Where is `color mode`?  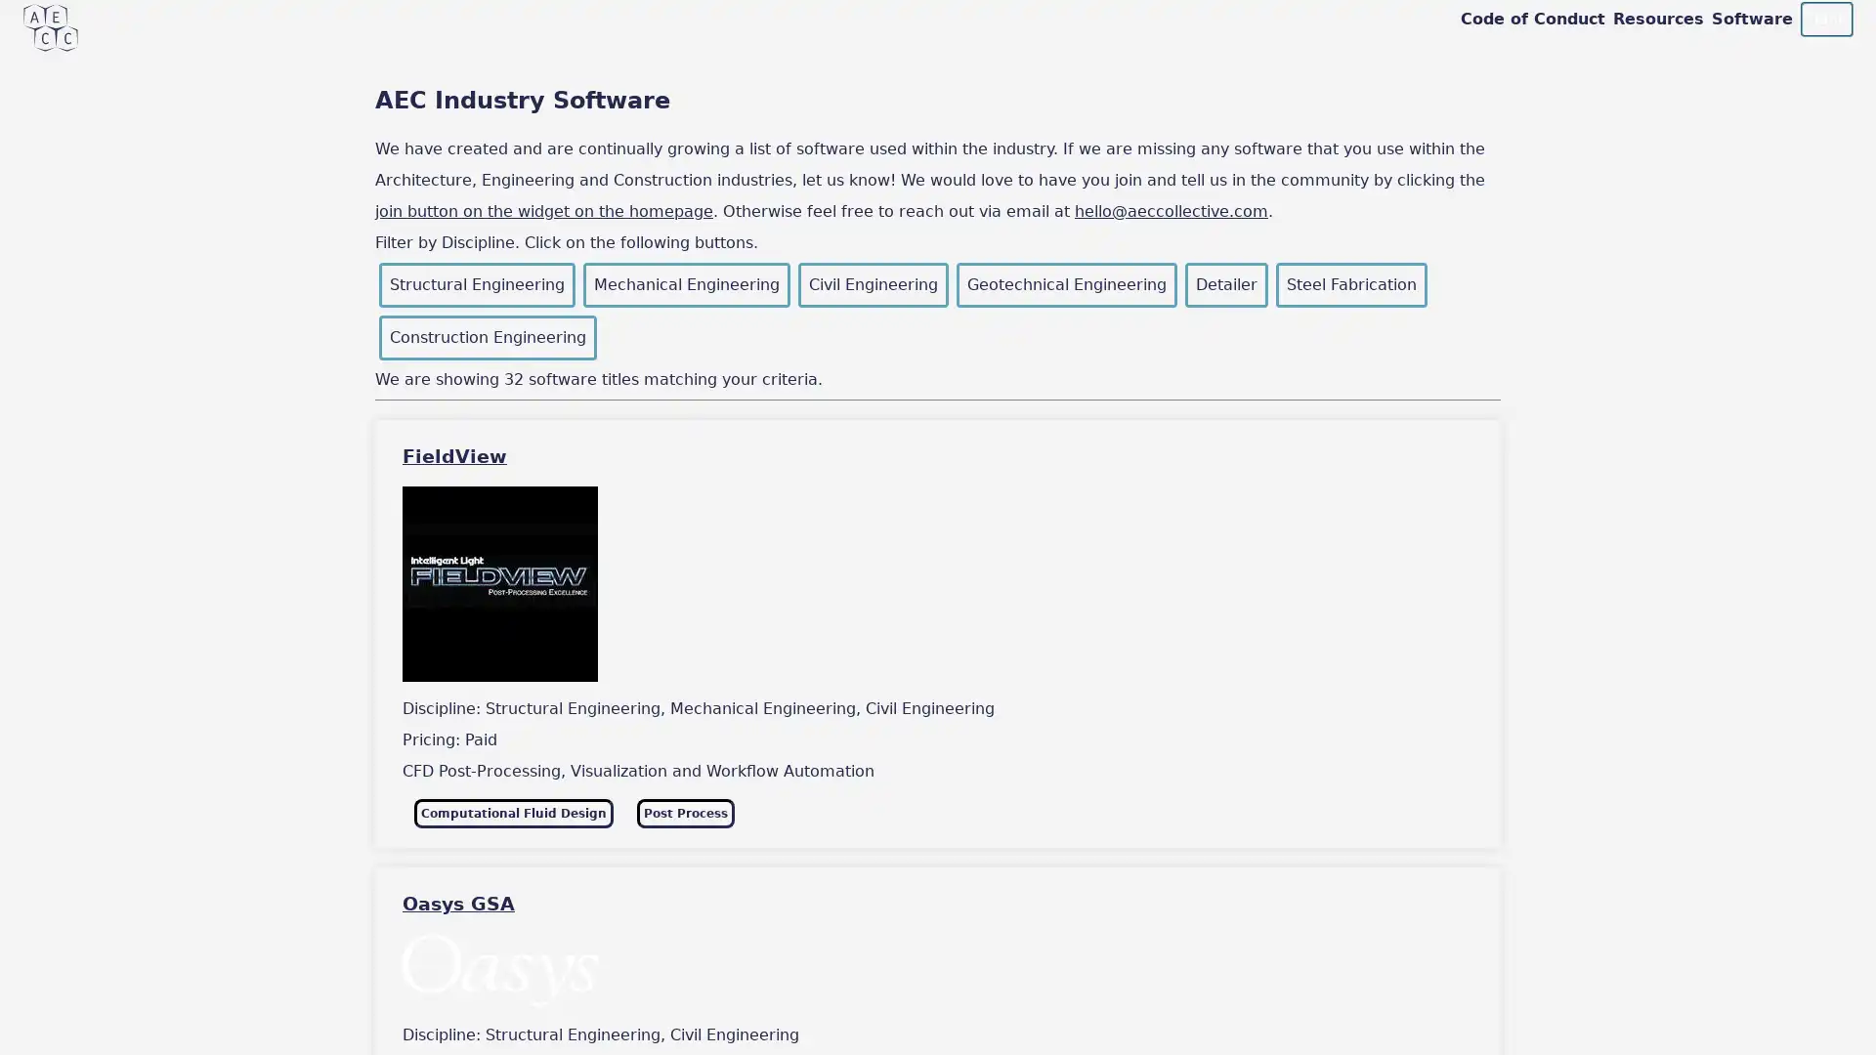 color mode is located at coordinates (1824, 19).